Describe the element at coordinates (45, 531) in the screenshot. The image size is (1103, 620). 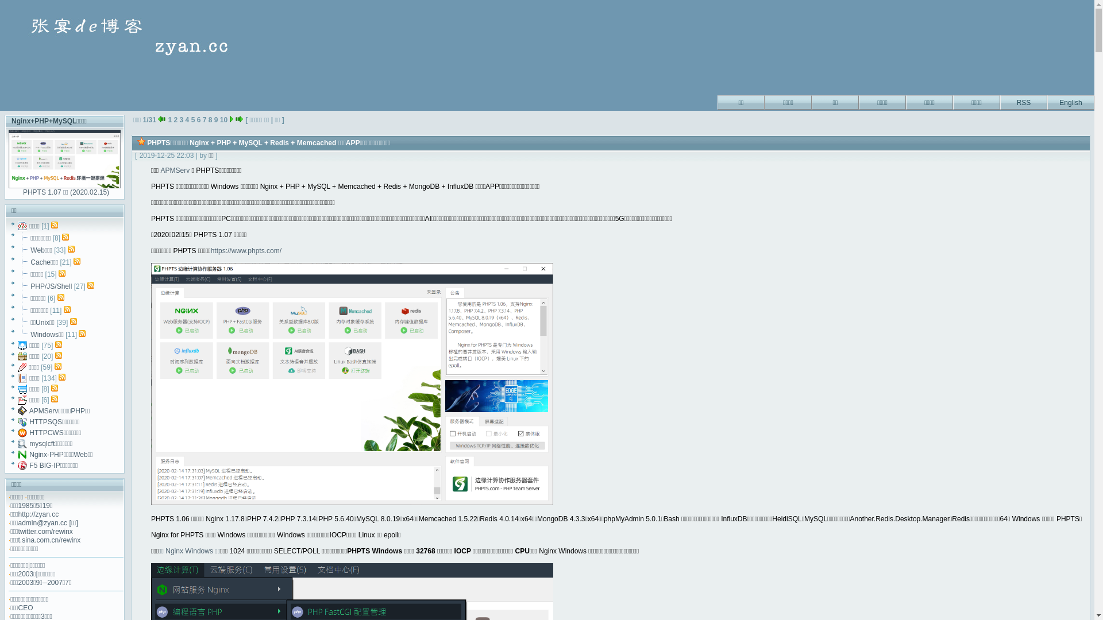
I see `'twitter.com/rewinx'` at that location.